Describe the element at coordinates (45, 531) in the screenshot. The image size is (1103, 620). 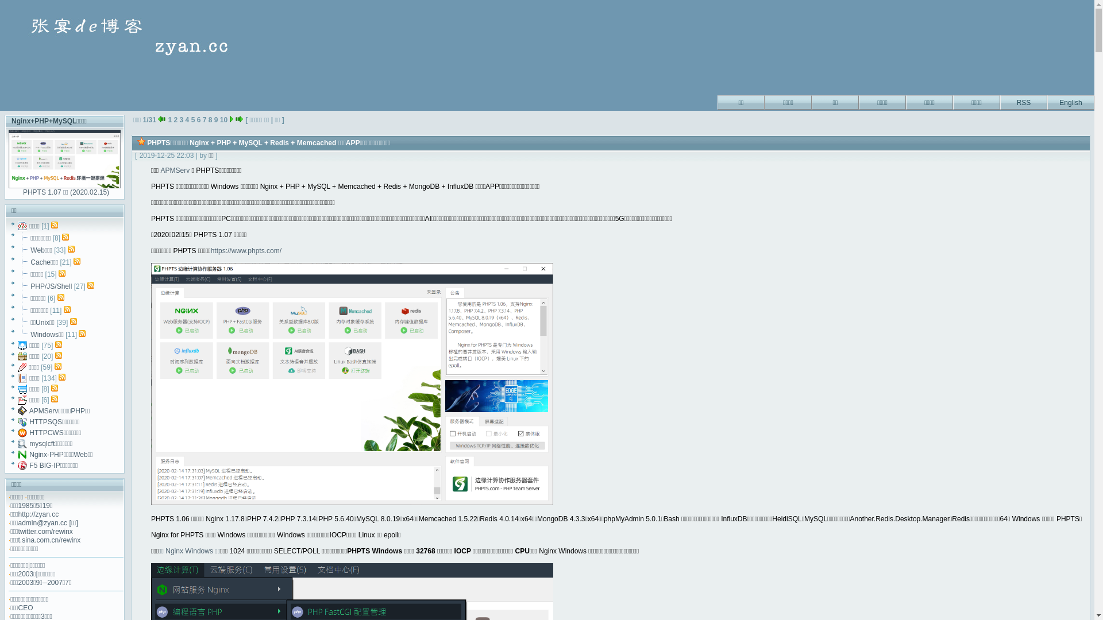
I see `'twitter.com/rewinx'` at that location.